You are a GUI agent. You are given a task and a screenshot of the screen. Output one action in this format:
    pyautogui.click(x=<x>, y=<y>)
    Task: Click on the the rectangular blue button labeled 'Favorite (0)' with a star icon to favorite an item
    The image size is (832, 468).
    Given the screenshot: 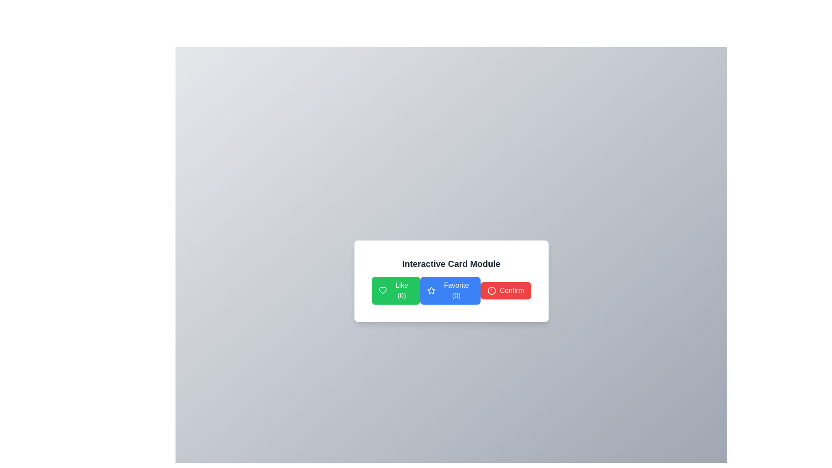 What is the action you would take?
    pyautogui.click(x=450, y=291)
    